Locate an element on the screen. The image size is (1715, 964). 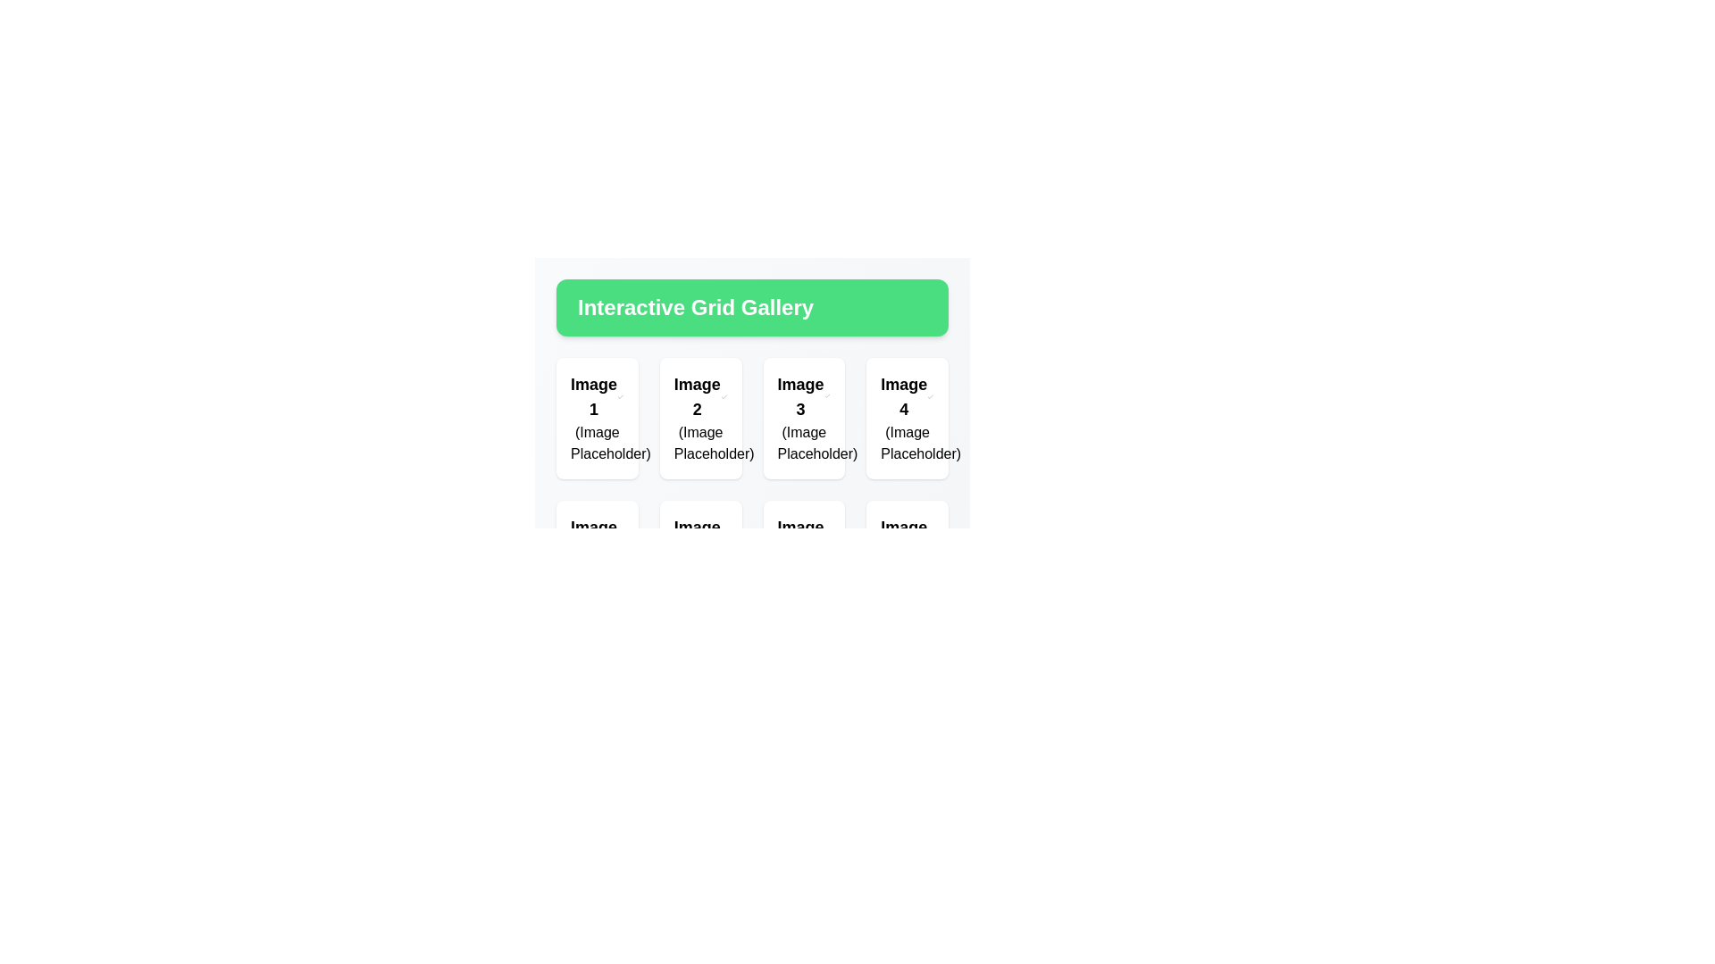
the text label that serves as a placeholder for an image, located below 'Image 1' in the first item of the image grid is located at coordinates (597, 443).